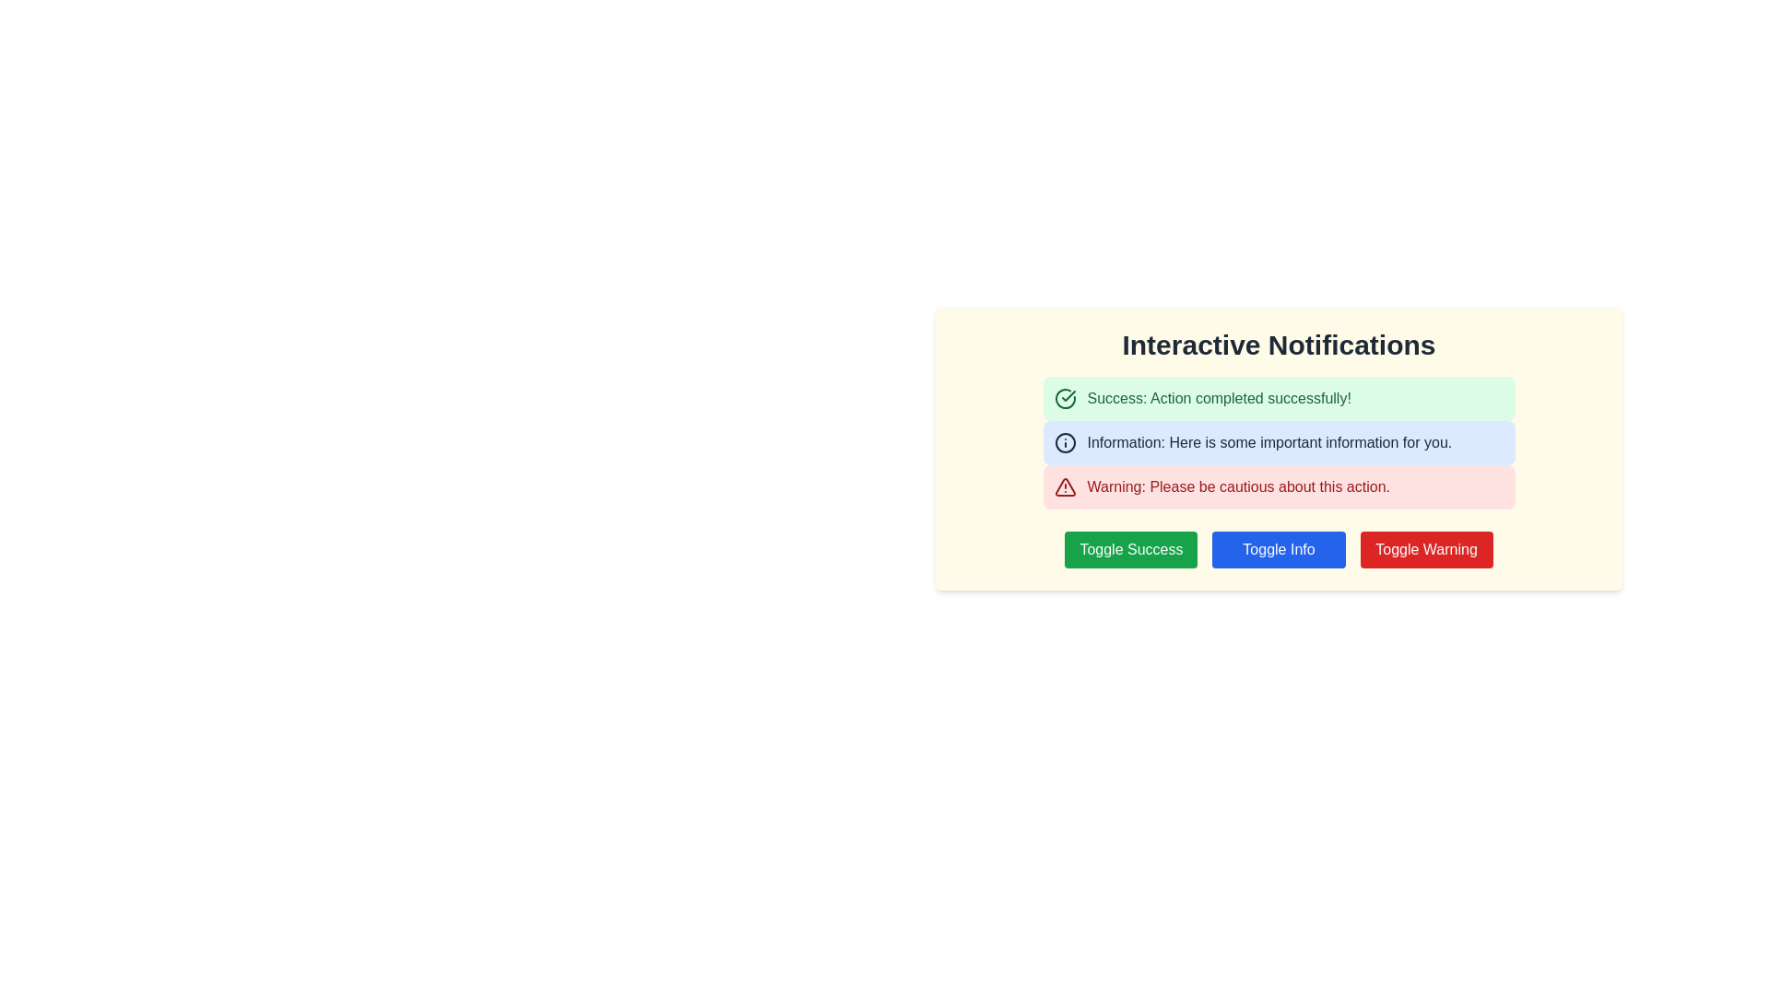 This screenshot has width=1770, height=995. What do you see at coordinates (1130, 549) in the screenshot?
I see `the 'Toggle Success' button, which is a green button with rounded corners displaying white text, located at the bottom-left of a three-button group` at bounding box center [1130, 549].